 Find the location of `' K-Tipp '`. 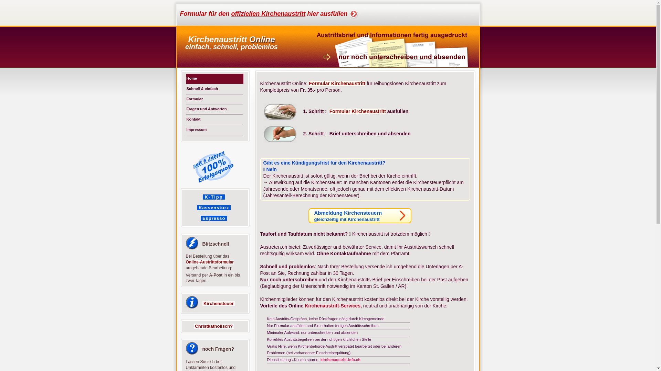

' K-Tipp ' is located at coordinates (213, 197).